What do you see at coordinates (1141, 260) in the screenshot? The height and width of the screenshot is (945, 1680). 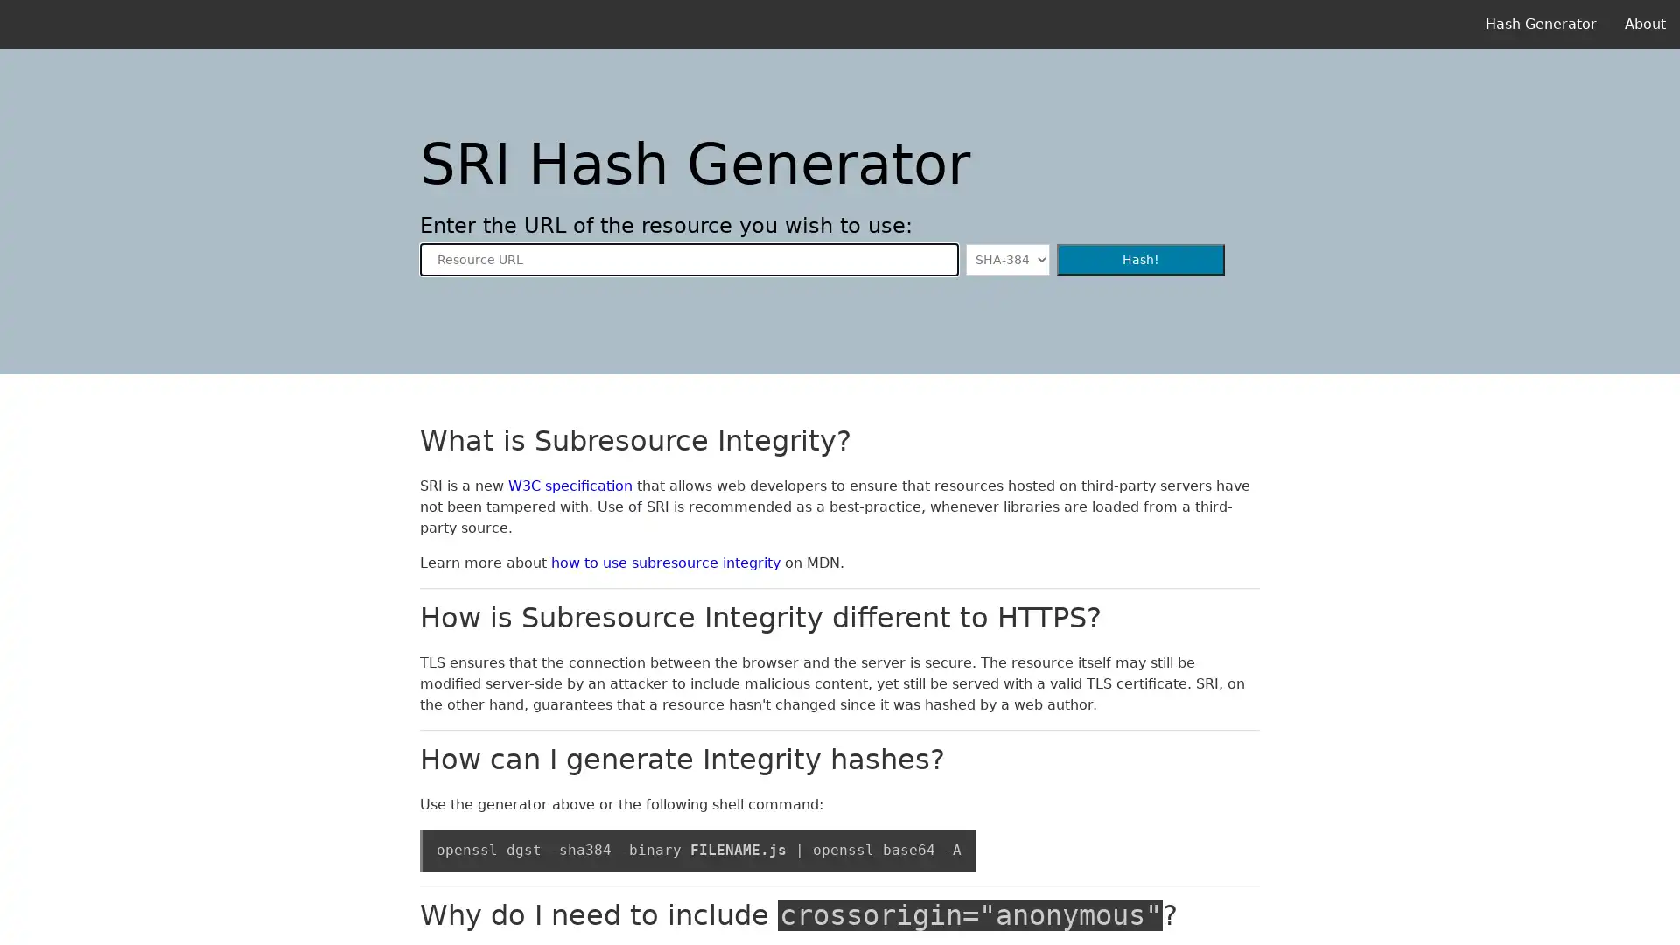 I see `Hash!` at bounding box center [1141, 260].